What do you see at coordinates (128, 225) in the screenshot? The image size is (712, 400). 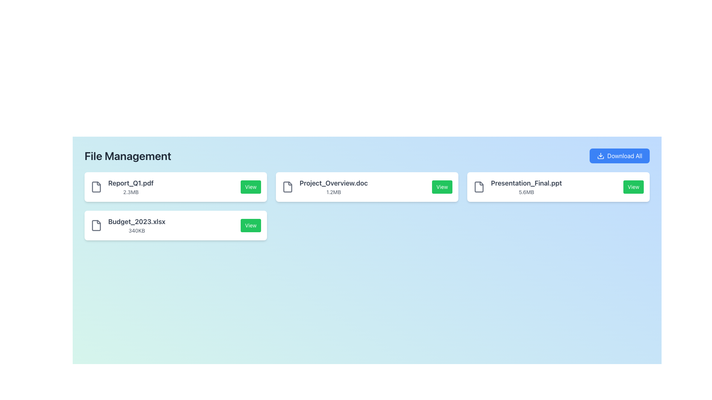 I see `text displayed in the labeled component for identifying the 'Budget_2023.xlsx' file, which is located in the second card of the 'File Management' interface` at bounding box center [128, 225].